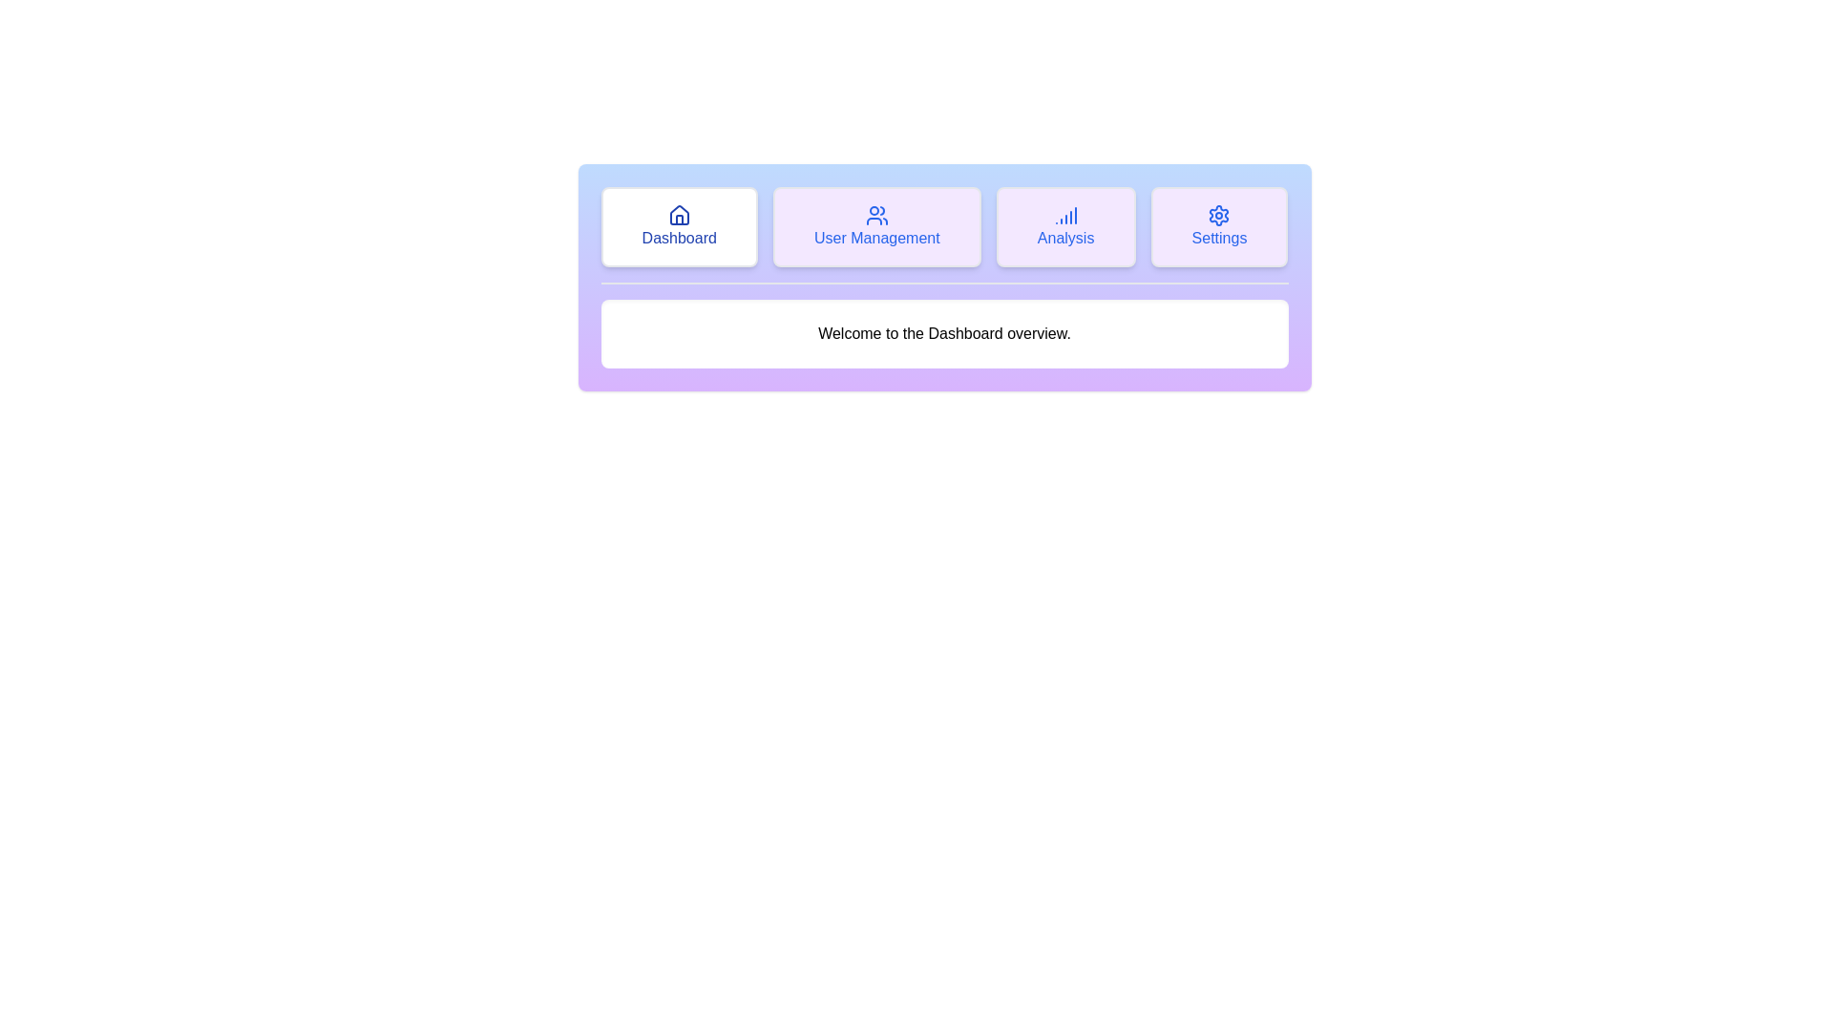 The width and height of the screenshot is (1833, 1031). Describe the element at coordinates (679, 215) in the screenshot. I see `the 'Dashboard' icon located above the 'Dashboard' text in the Dashboard section for quick recognition` at that location.